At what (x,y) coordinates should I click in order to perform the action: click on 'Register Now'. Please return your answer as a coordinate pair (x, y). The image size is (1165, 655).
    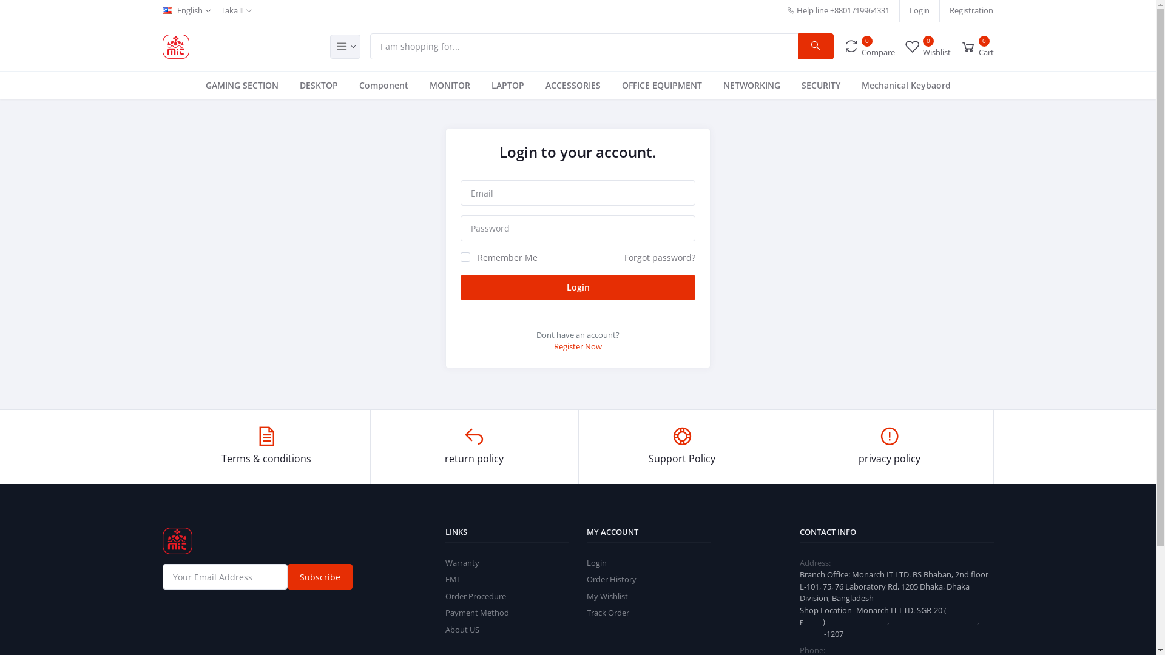
    Looking at the image, I should click on (577, 346).